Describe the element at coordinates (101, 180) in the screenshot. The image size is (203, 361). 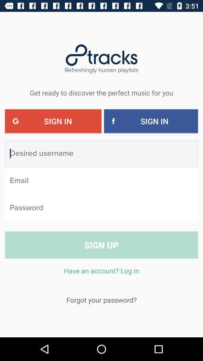
I see `write email` at that location.